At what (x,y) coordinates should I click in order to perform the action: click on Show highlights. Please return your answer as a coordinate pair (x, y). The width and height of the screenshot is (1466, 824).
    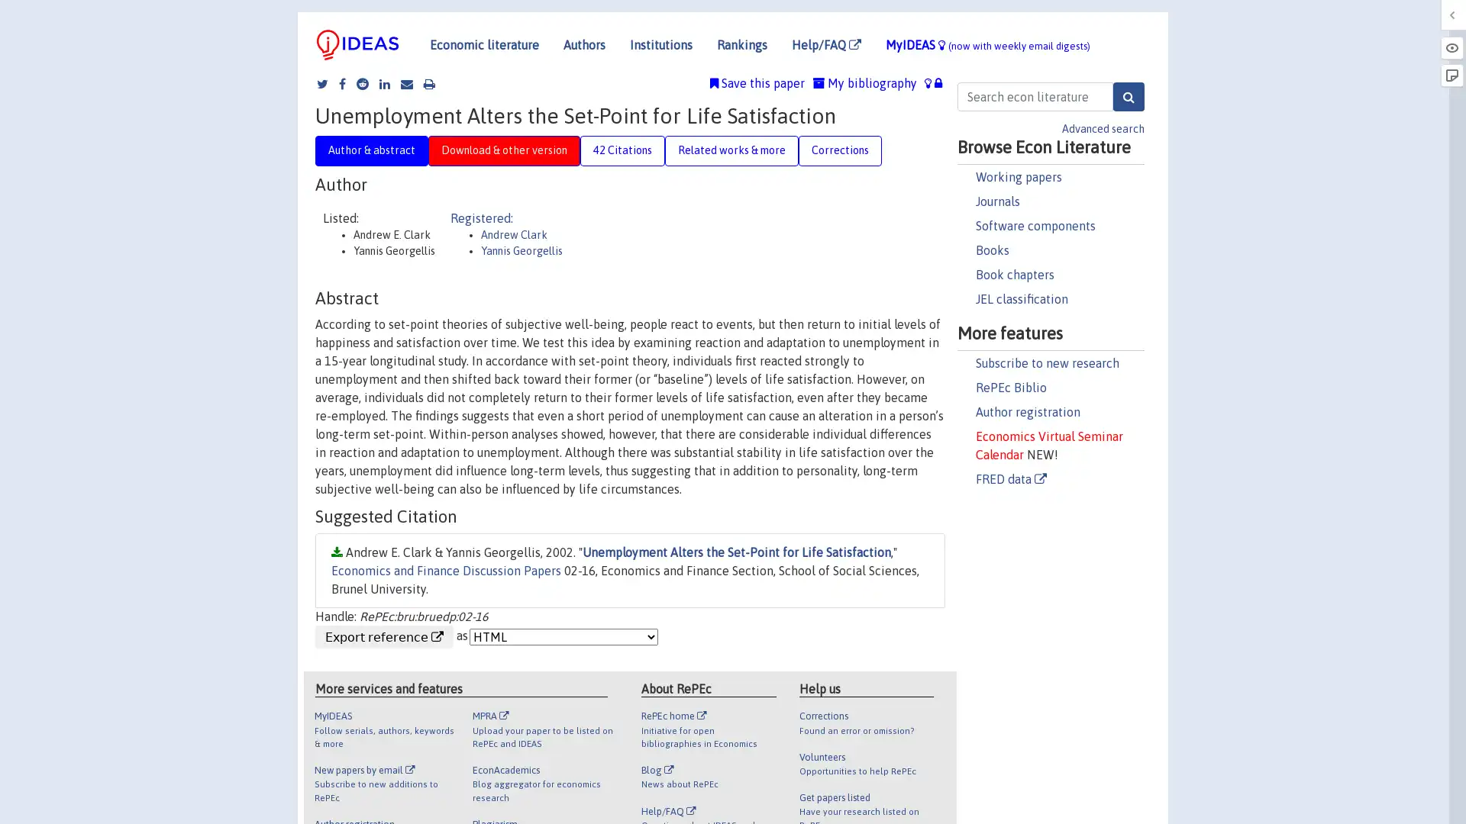
    Looking at the image, I should click on (1451, 47).